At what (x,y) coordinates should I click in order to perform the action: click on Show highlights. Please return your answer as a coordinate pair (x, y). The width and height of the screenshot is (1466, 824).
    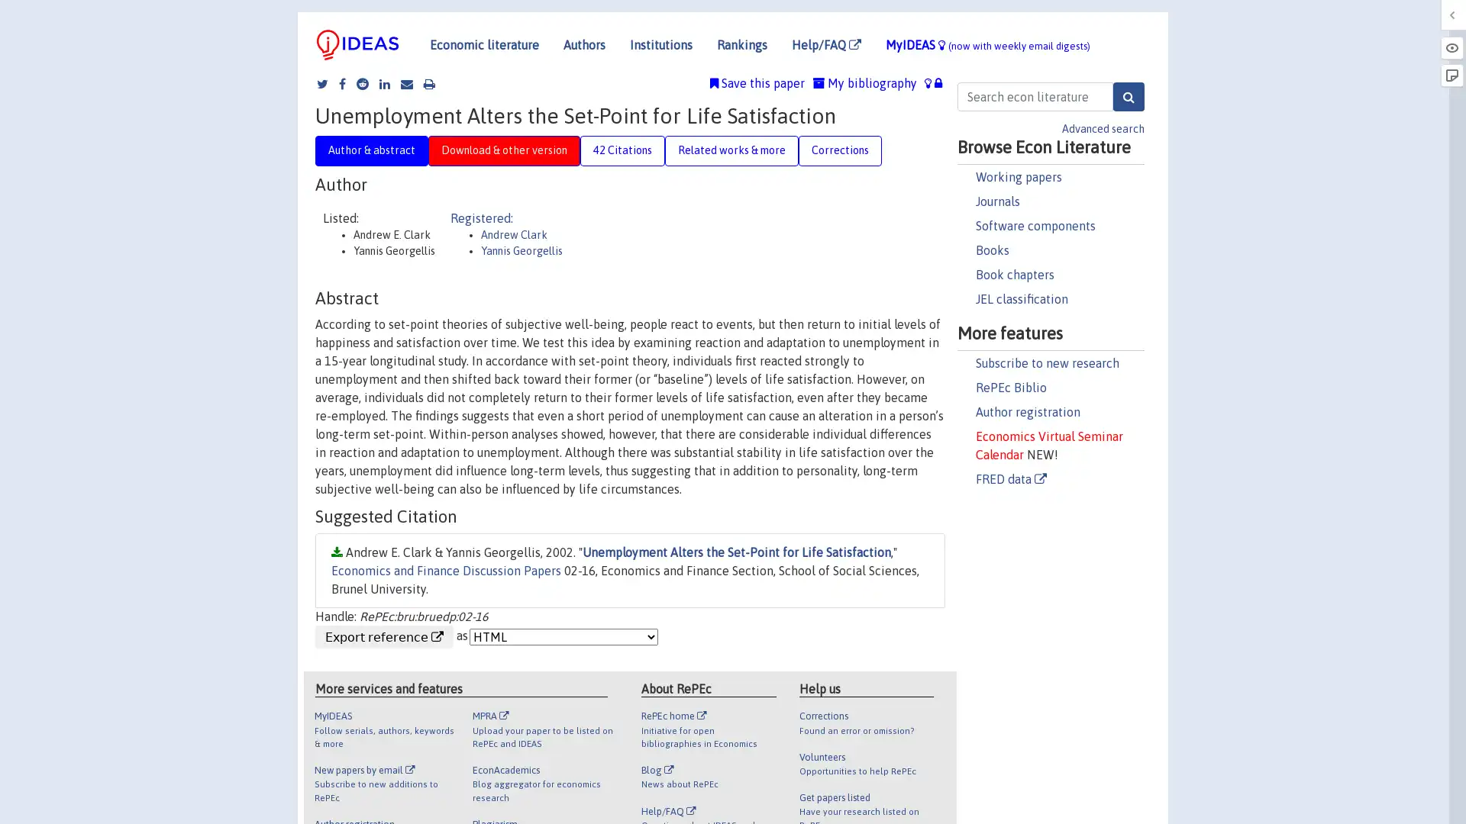
    Looking at the image, I should click on (1451, 47).